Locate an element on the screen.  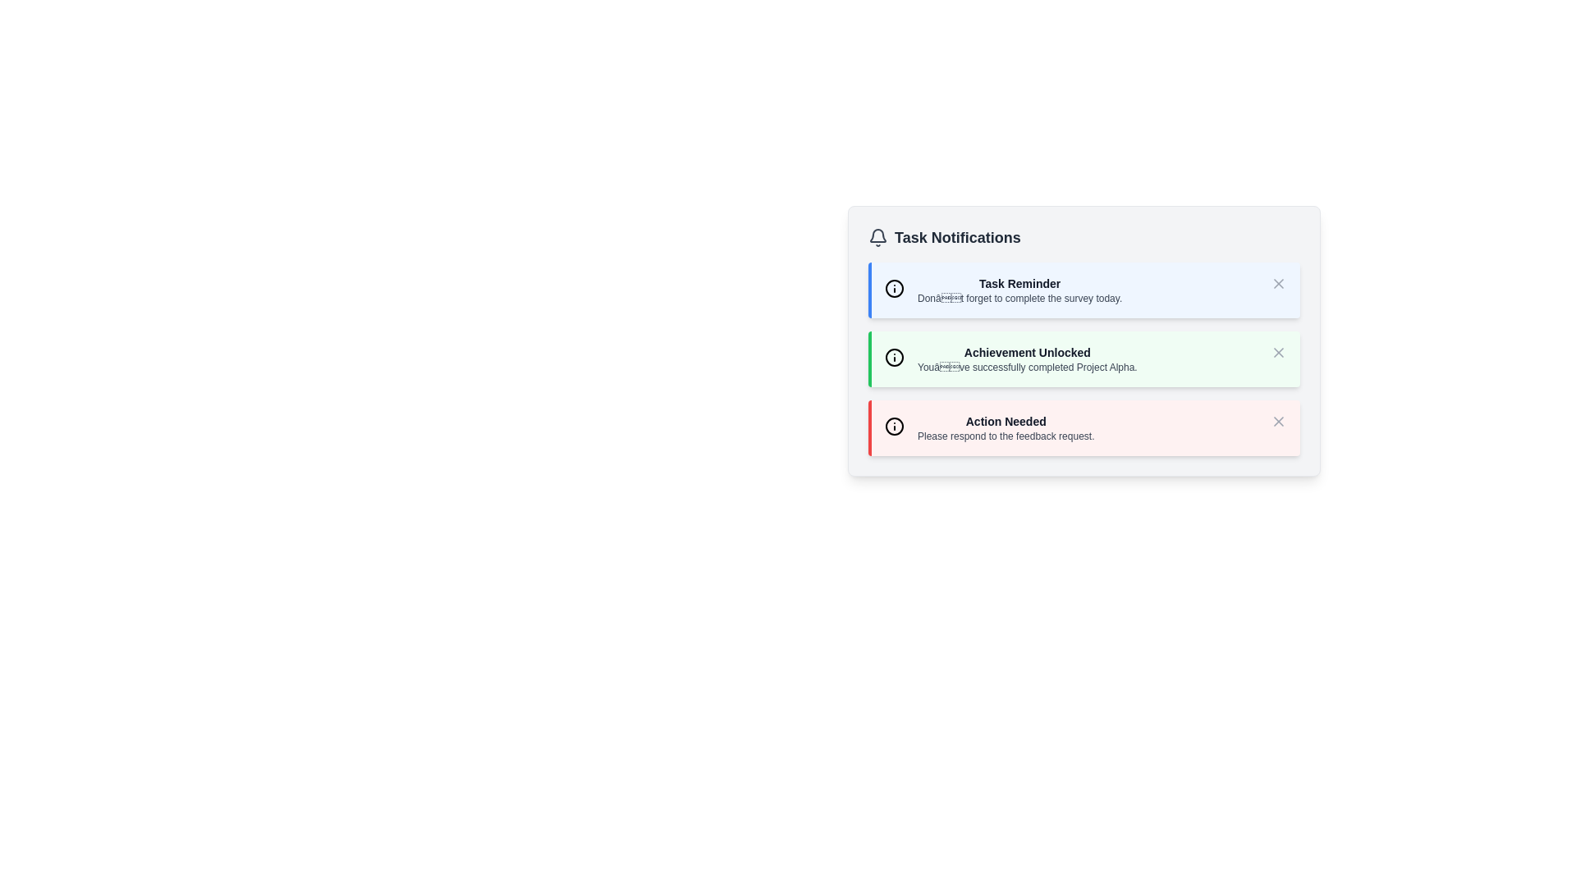
the circular informational icon with a thin black border and white fill, located in the center of the green-highlighted notification box titled 'Achievement Unlocked' is located at coordinates (893, 356).